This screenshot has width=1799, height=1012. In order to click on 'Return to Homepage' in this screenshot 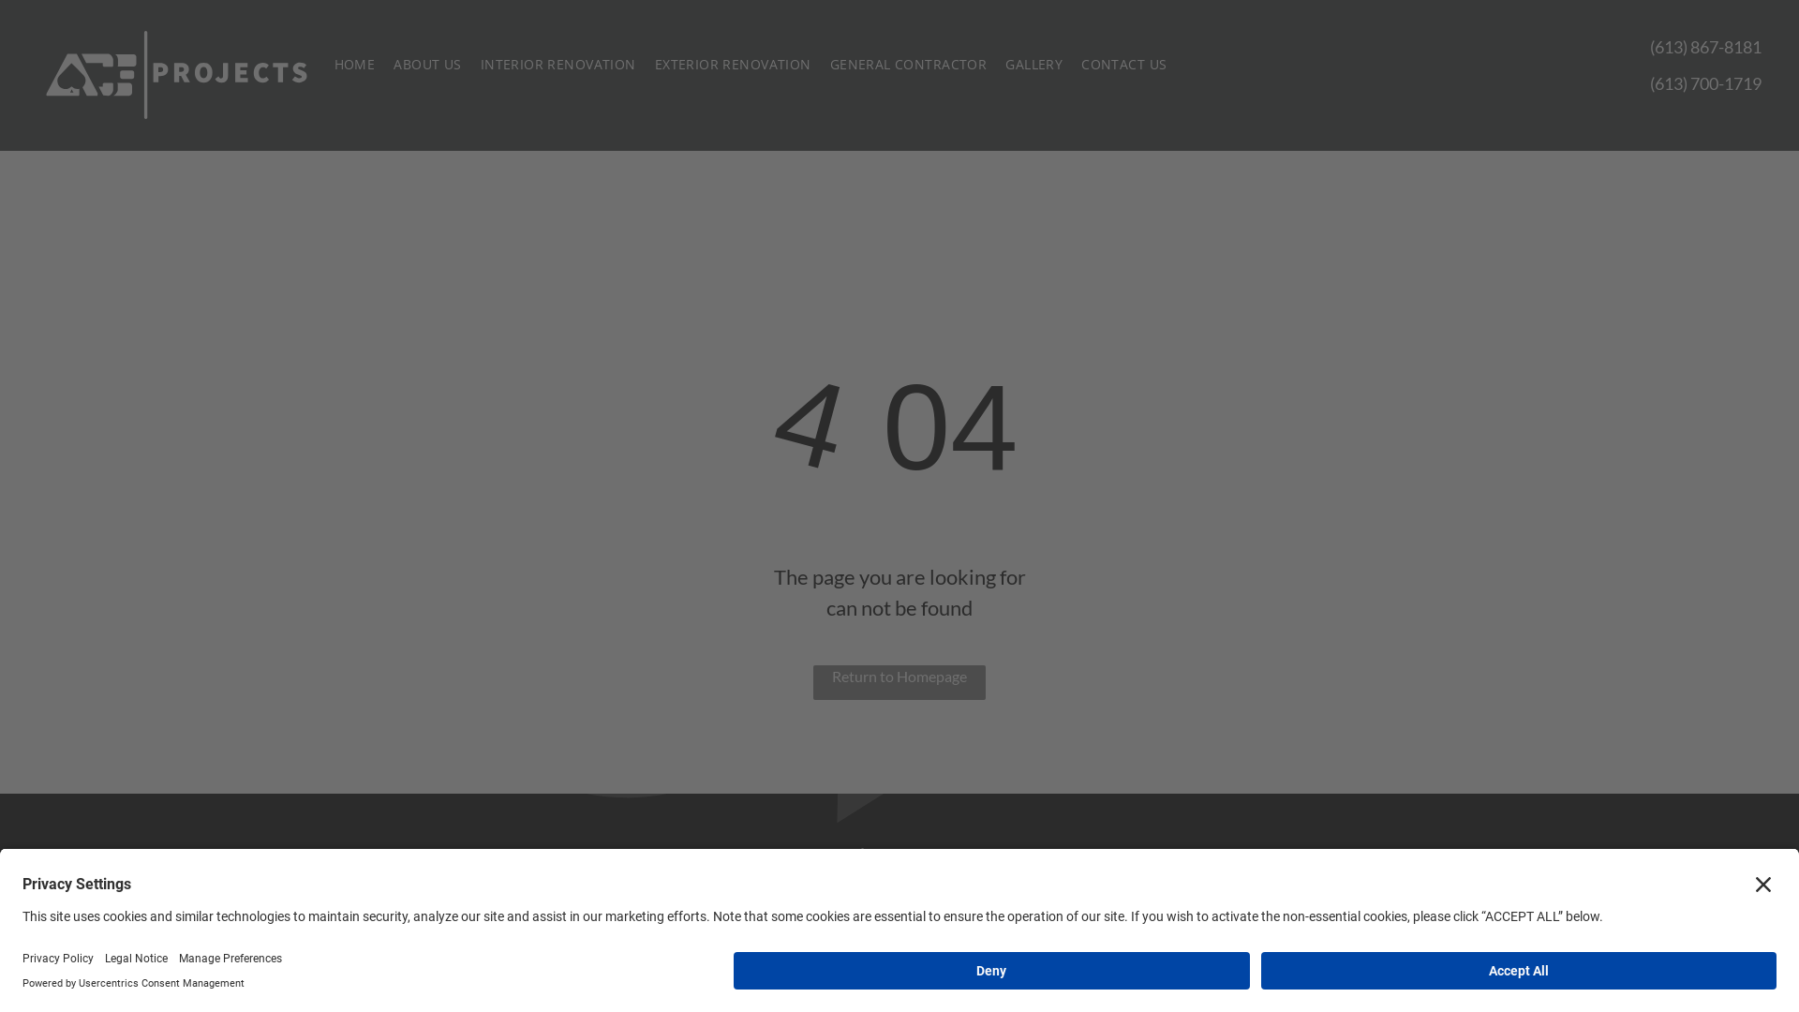, I will do `click(813, 682)`.